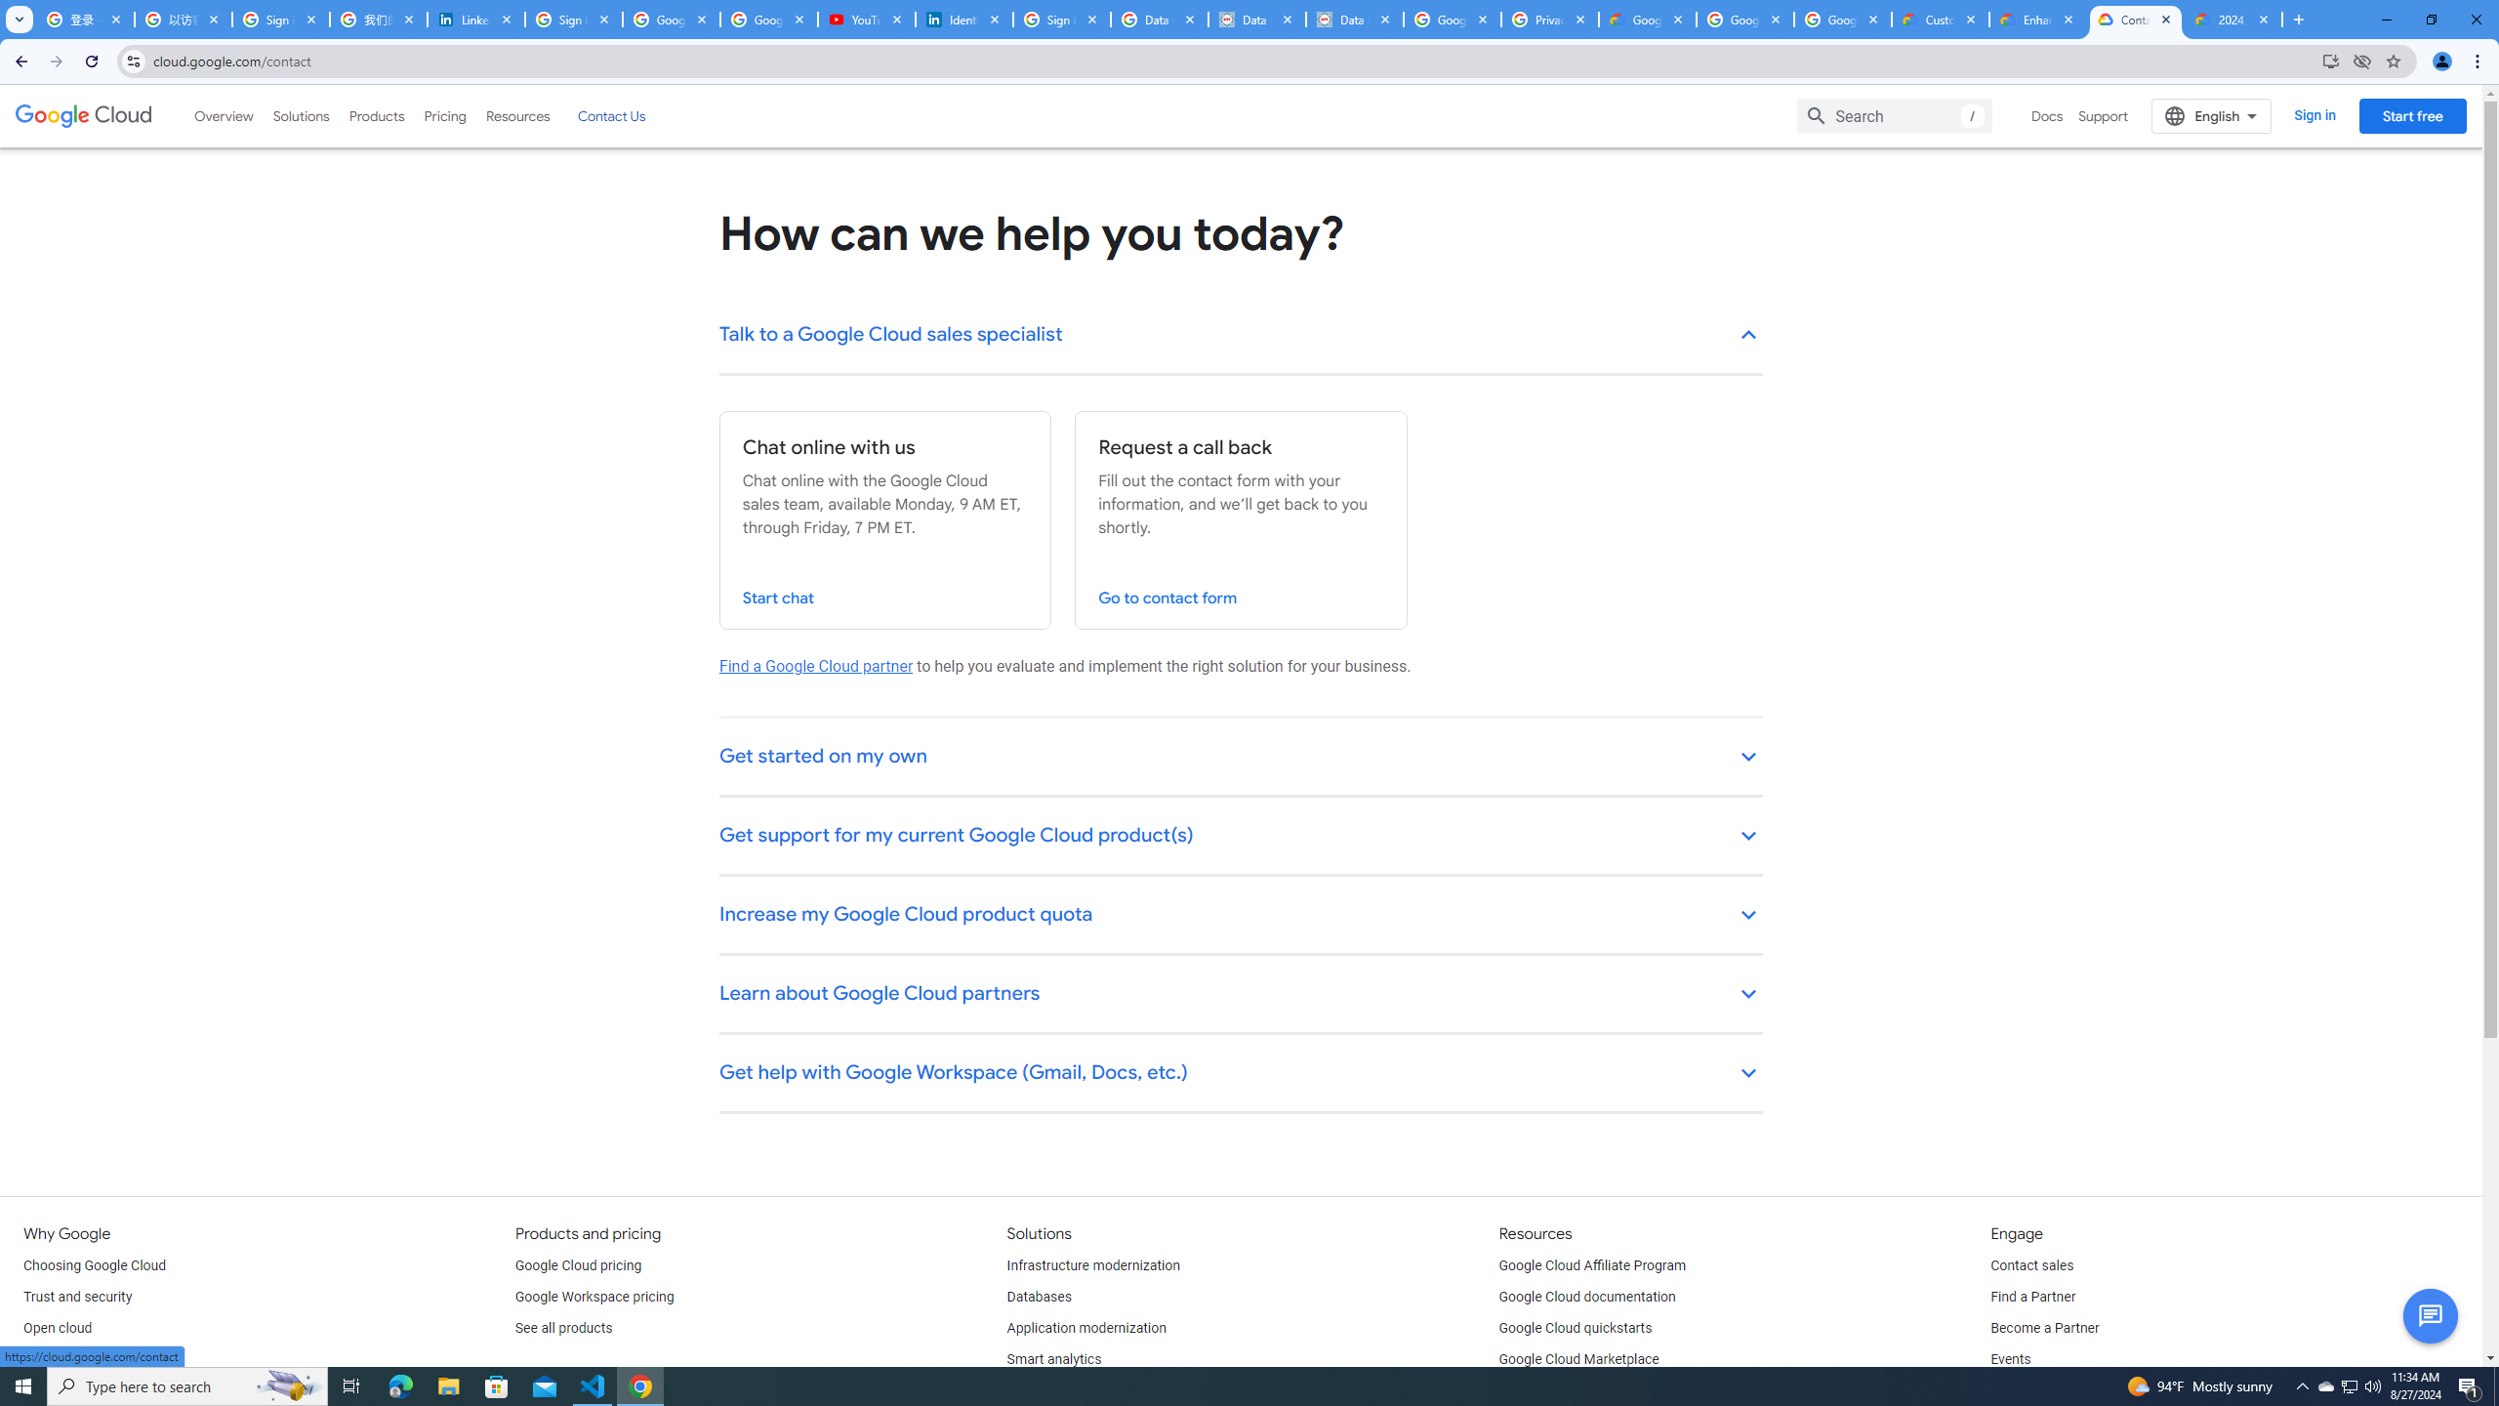 The height and width of the screenshot is (1406, 2499). Describe the element at coordinates (2211, 115) in the screenshot. I see `'English'` at that location.